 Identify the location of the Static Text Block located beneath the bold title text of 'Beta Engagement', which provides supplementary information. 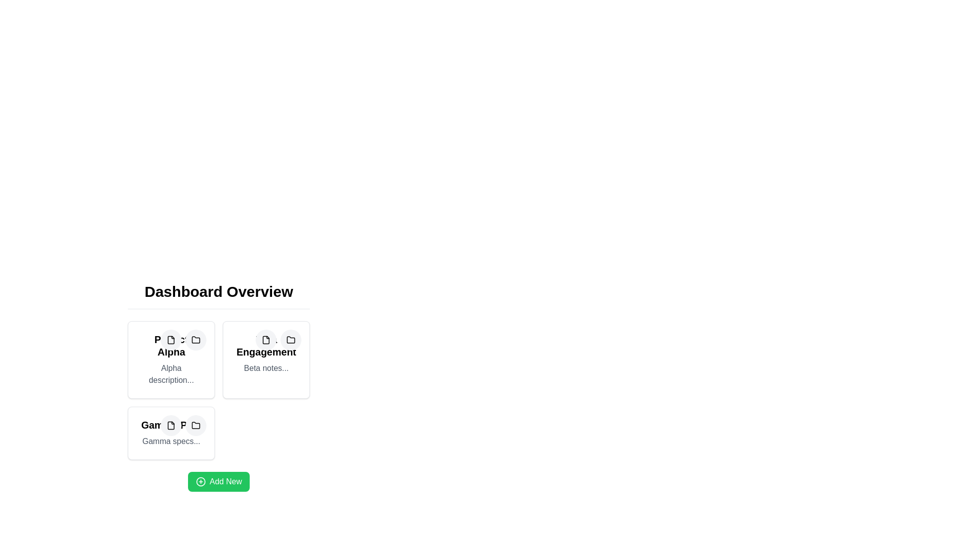
(266, 368).